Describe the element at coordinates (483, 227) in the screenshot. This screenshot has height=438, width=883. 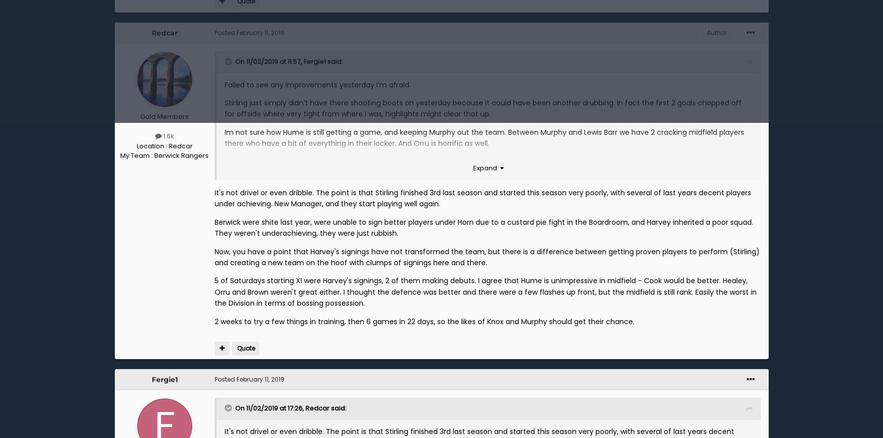
I see `'Berwick were shite last year, were unable to sign better players under Horn due to a custard pie fight in the Boardroom, and Harvey inherited a poor squad. They weren't underachieving, they were just rubbish.'` at that location.